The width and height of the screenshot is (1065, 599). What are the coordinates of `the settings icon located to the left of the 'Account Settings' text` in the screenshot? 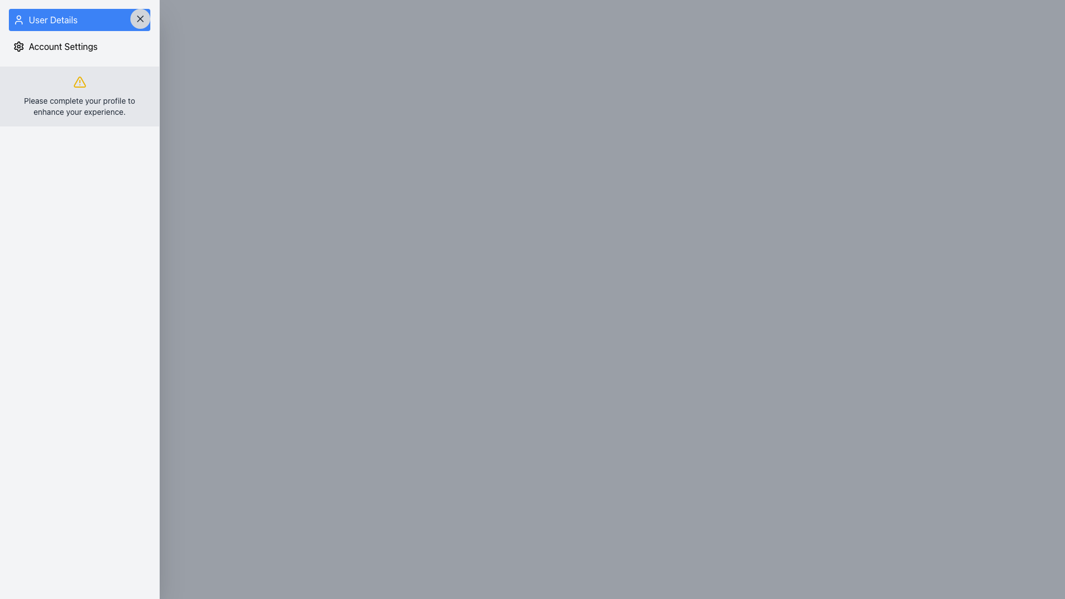 It's located at (18, 46).